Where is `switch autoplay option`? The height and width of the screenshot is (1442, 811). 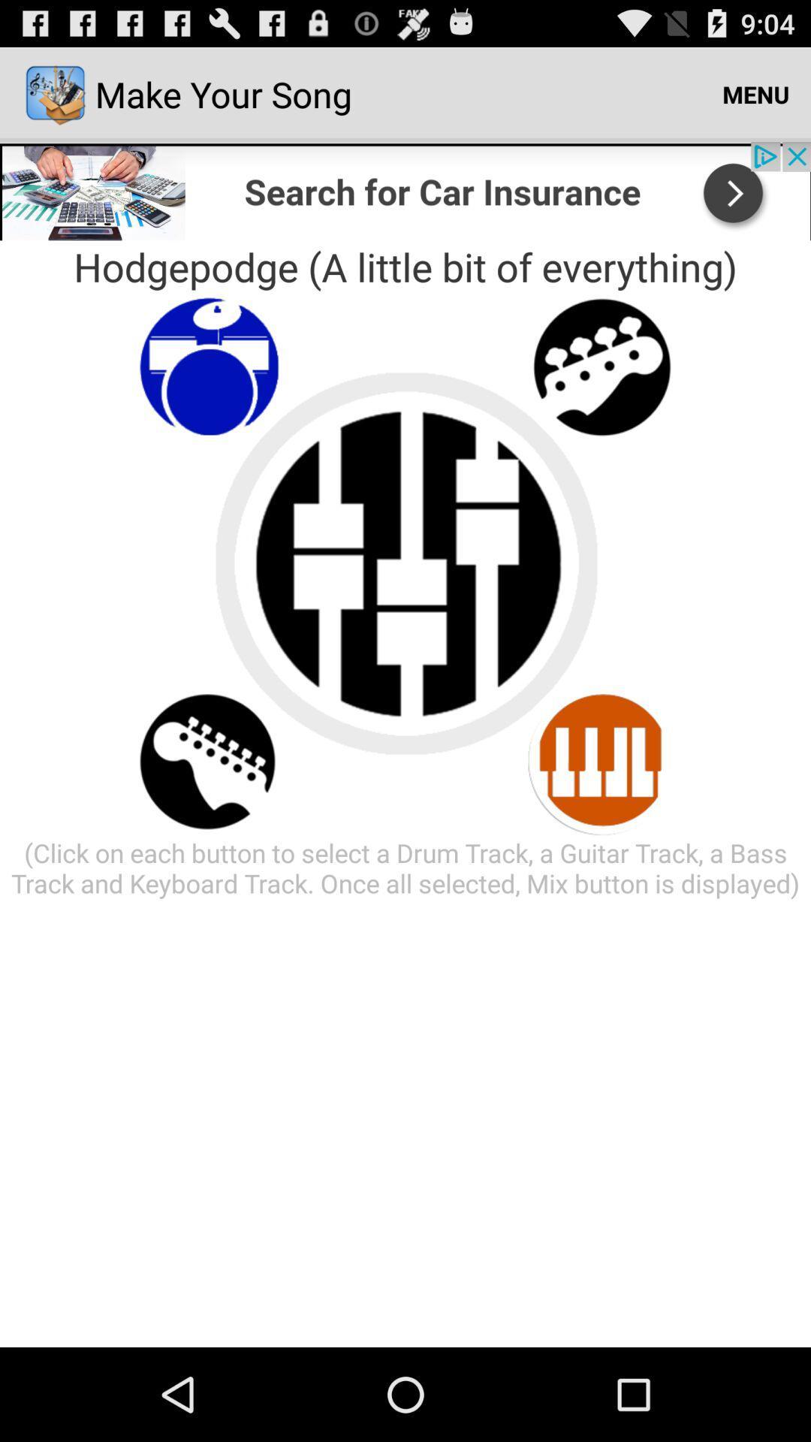 switch autoplay option is located at coordinates (601, 761).